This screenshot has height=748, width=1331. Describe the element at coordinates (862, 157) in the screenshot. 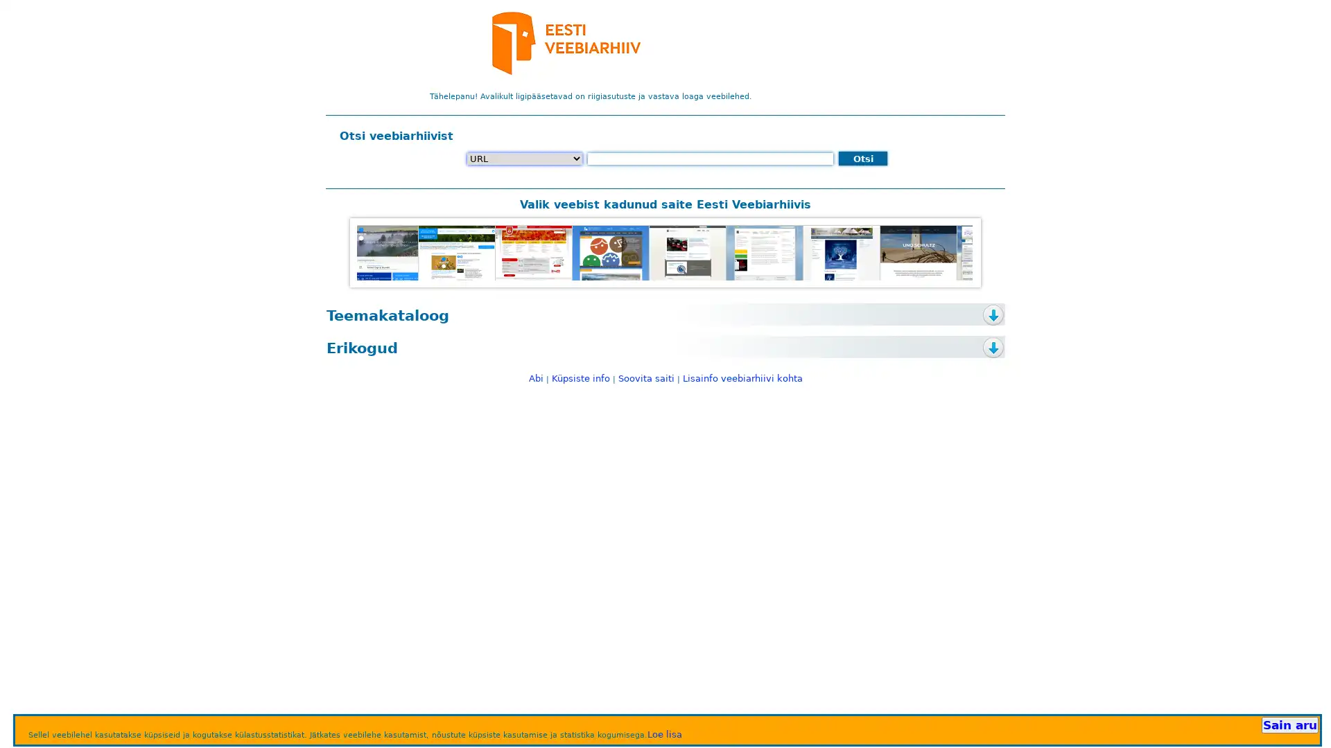

I see `Otsi` at that location.